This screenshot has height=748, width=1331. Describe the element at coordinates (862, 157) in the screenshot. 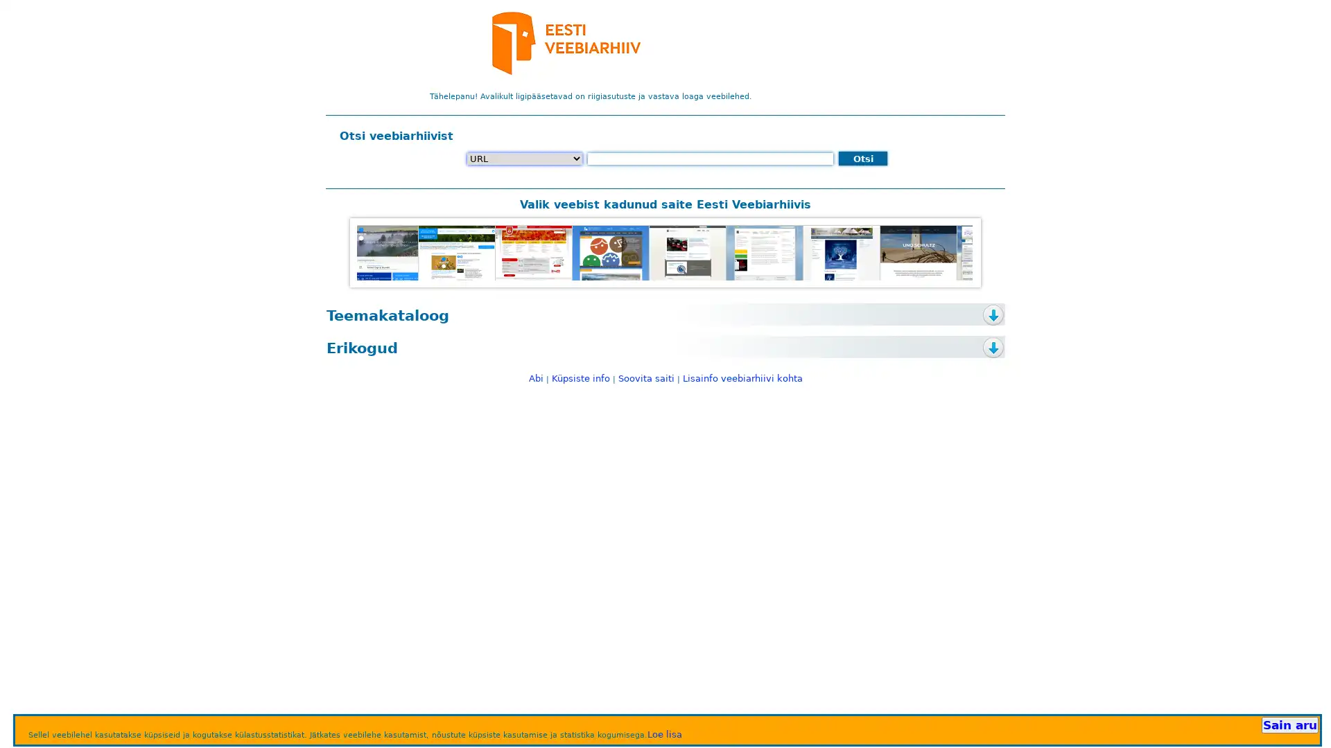

I see `Otsi` at that location.